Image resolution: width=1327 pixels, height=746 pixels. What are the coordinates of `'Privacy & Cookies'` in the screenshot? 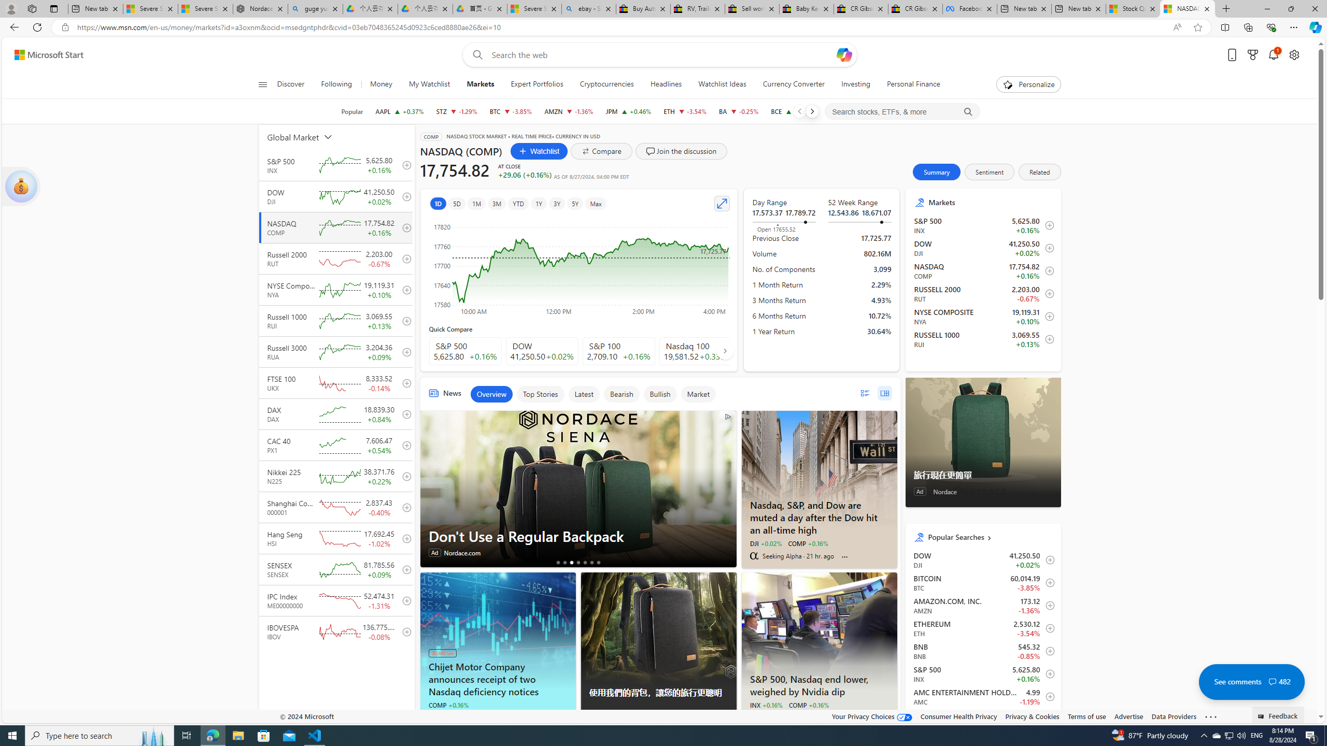 It's located at (1031, 716).